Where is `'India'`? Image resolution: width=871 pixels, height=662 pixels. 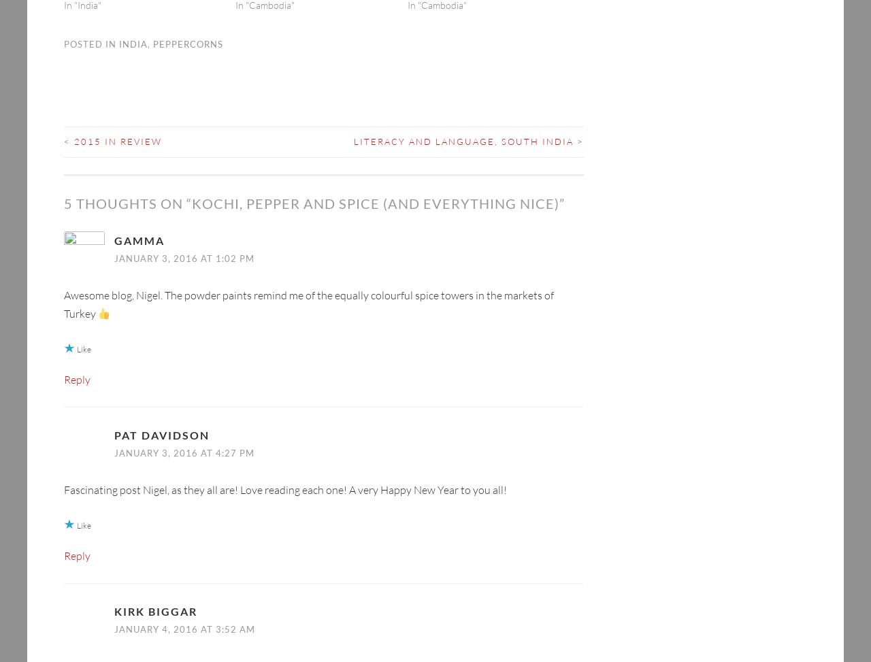 'India' is located at coordinates (133, 22).